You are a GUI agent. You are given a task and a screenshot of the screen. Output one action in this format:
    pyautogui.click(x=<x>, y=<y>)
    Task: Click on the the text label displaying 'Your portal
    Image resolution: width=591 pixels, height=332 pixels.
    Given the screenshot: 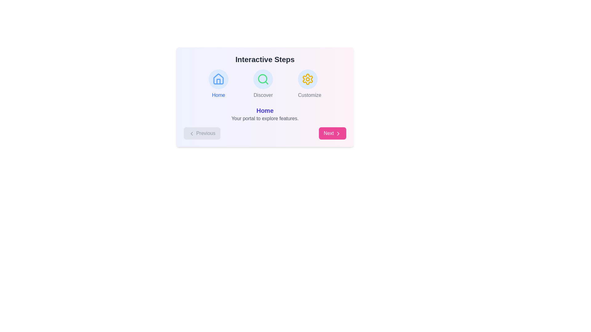 What is the action you would take?
    pyautogui.click(x=265, y=118)
    